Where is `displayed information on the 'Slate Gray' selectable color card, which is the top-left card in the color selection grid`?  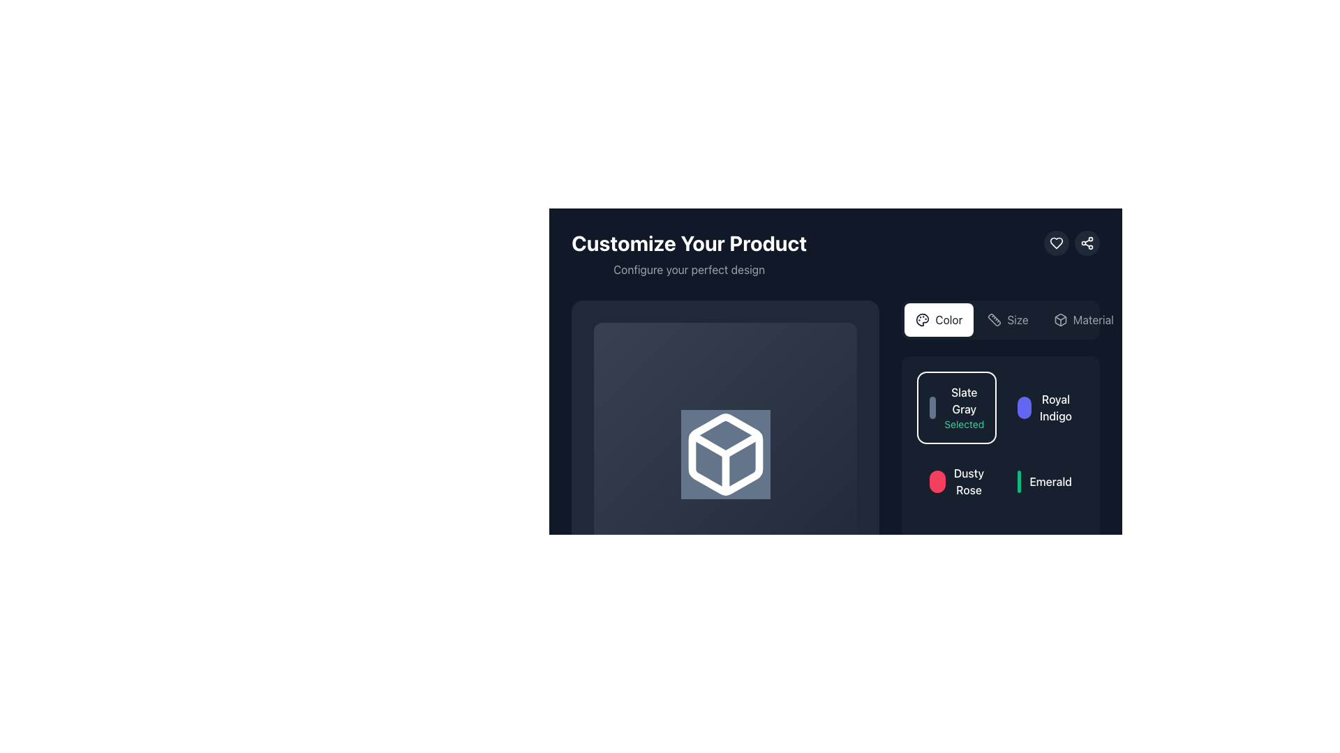
displayed information on the 'Slate Gray' selectable color card, which is the top-left card in the color selection grid is located at coordinates (956, 408).